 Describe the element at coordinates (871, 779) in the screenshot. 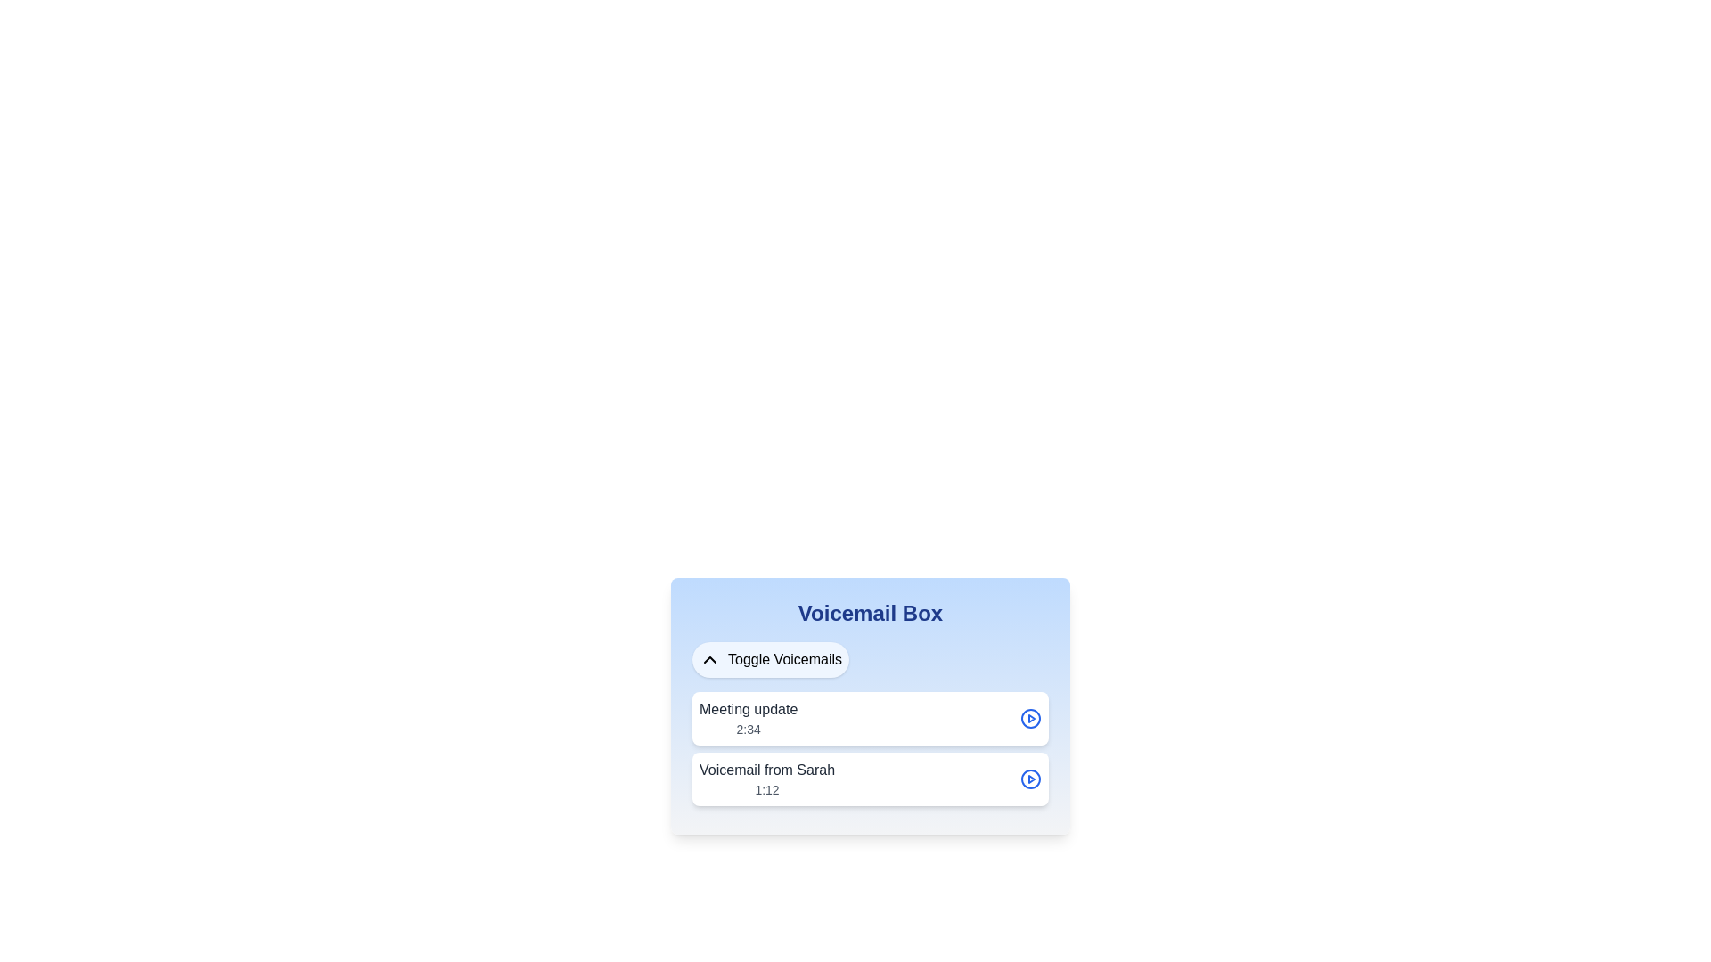

I see `the voicemail entry titled 'Voicemail from Sarah'` at that location.